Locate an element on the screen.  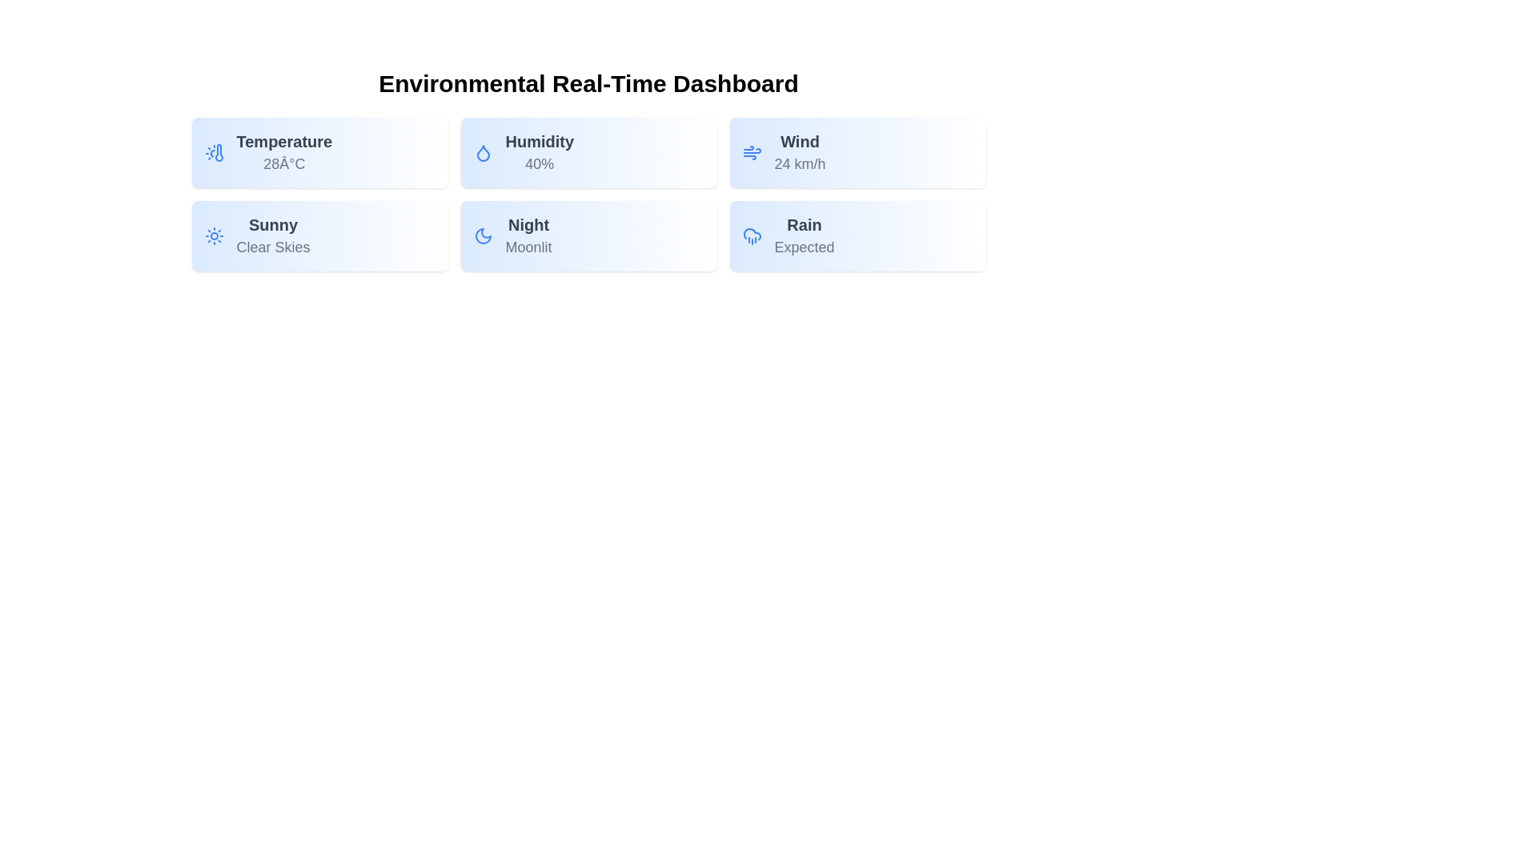
the cloud with rain icon located in the bottom-right of the layout is located at coordinates (751, 234).